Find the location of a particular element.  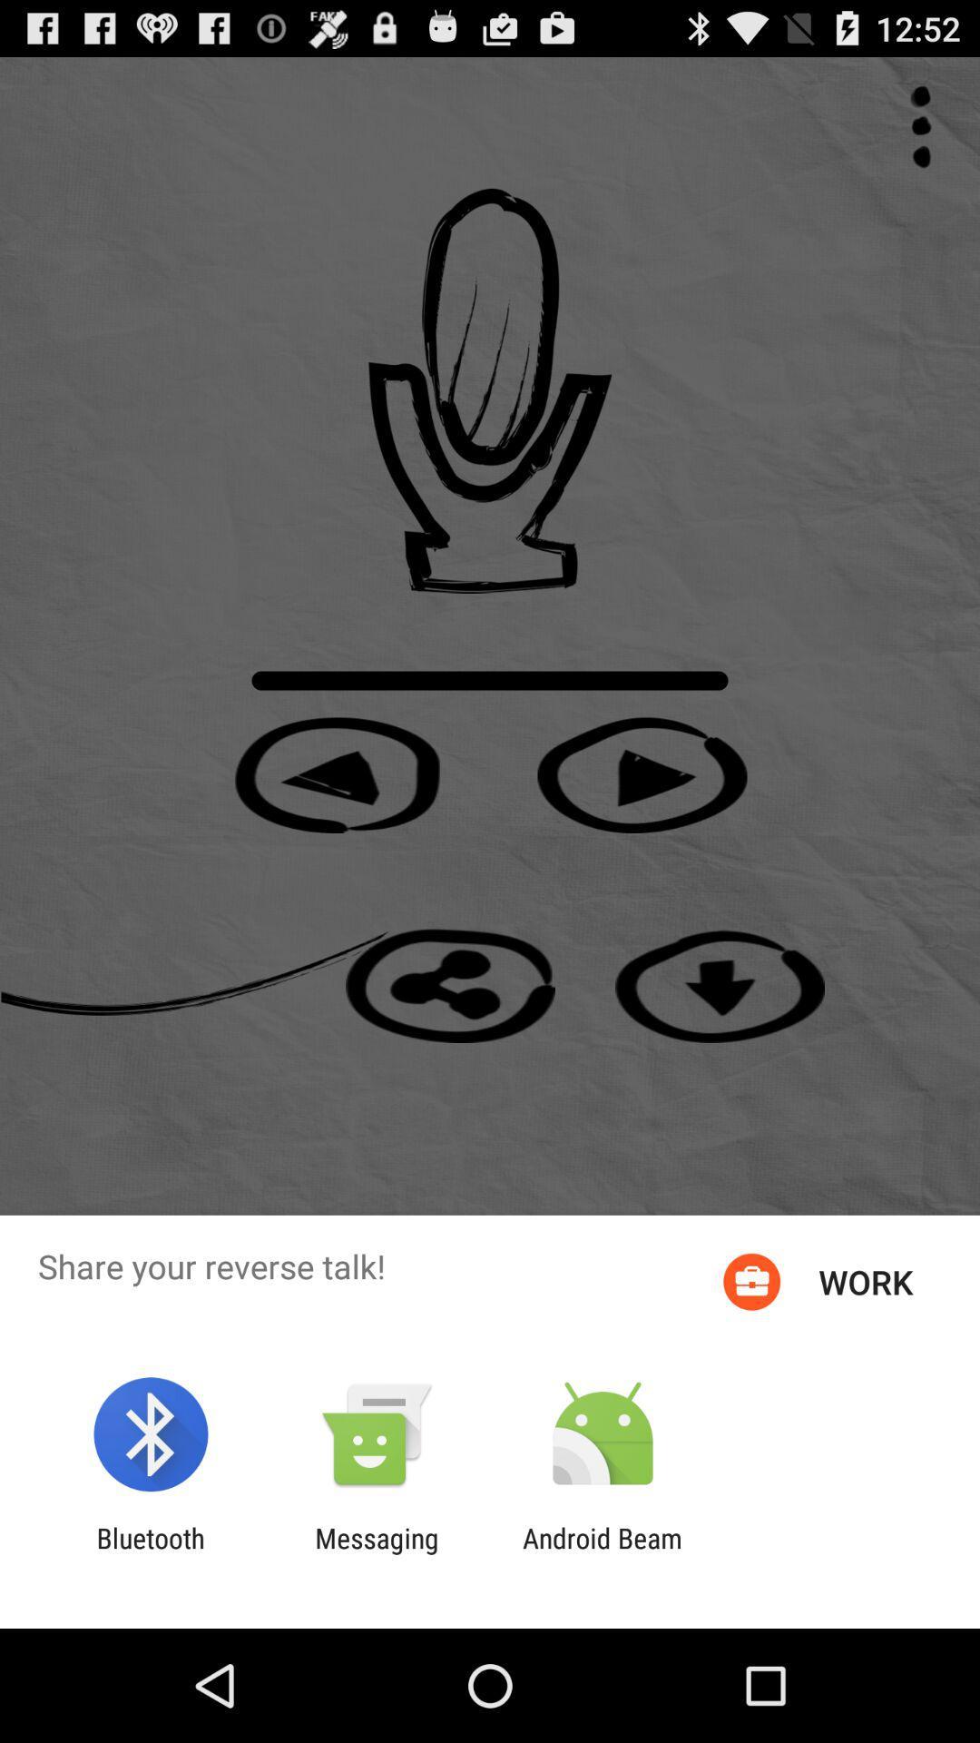

the android beam item is located at coordinates (603, 1553).